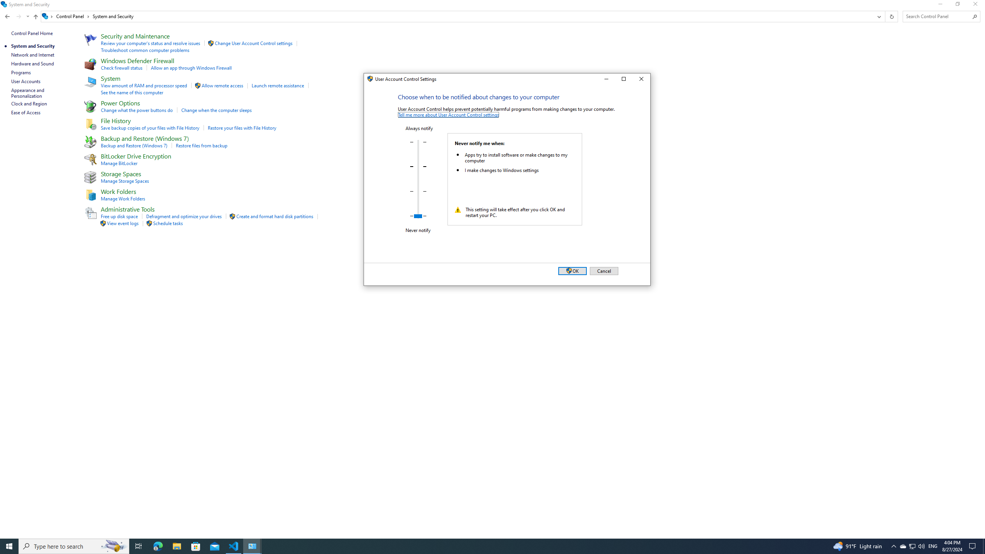 The width and height of the screenshot is (985, 554). I want to click on 'File Explorer', so click(176, 546).